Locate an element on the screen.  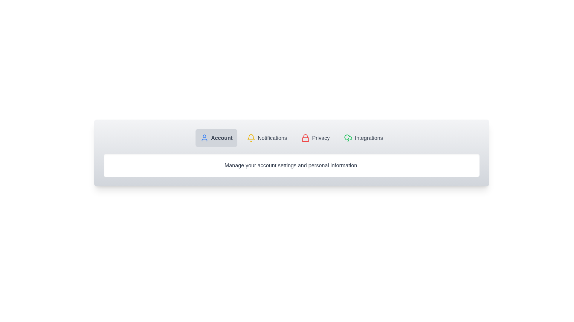
the lock icon representing the 'Privacy' section in the horizontal navigation menu, located to the left of the 'Privacy' label is located at coordinates (306, 138).